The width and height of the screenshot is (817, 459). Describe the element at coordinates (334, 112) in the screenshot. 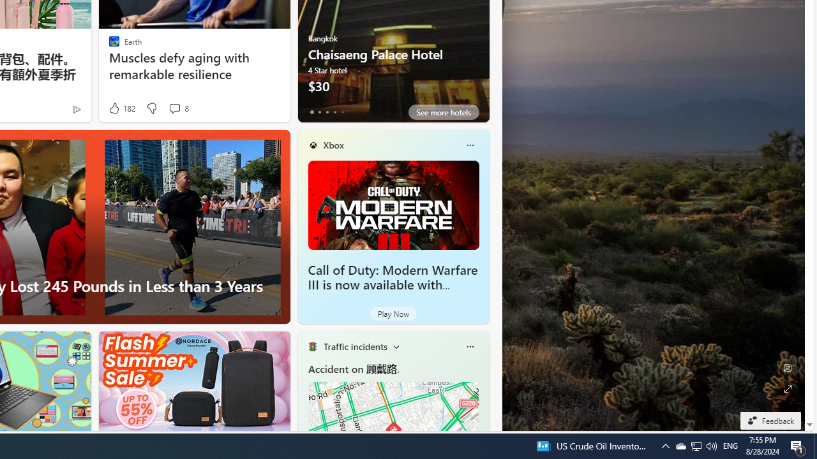

I see `'tab-3'` at that location.